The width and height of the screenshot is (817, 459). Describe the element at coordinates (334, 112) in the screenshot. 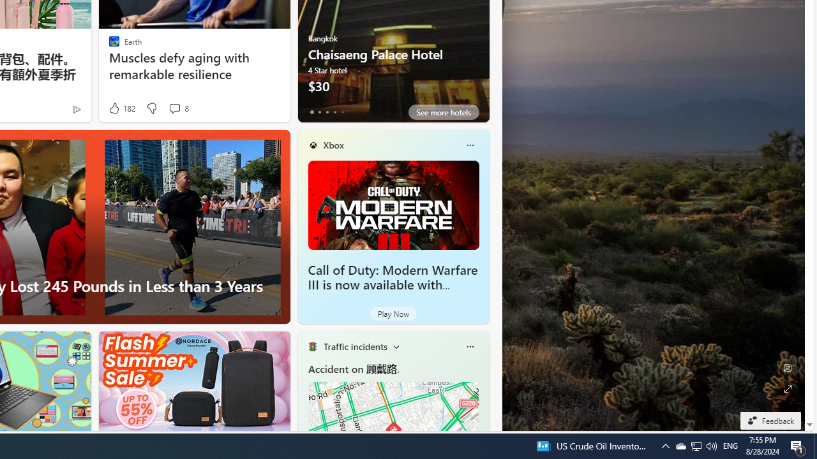

I see `'tab-3'` at that location.